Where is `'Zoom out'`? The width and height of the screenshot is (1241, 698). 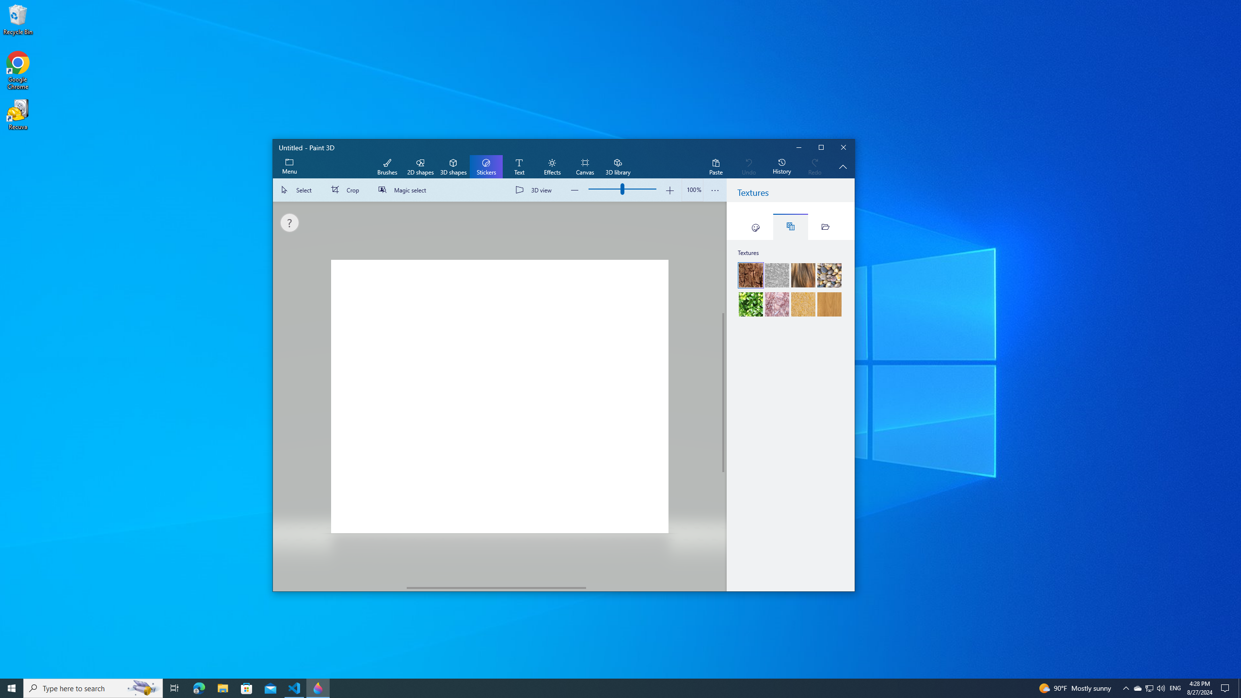 'Zoom out' is located at coordinates (575, 190).